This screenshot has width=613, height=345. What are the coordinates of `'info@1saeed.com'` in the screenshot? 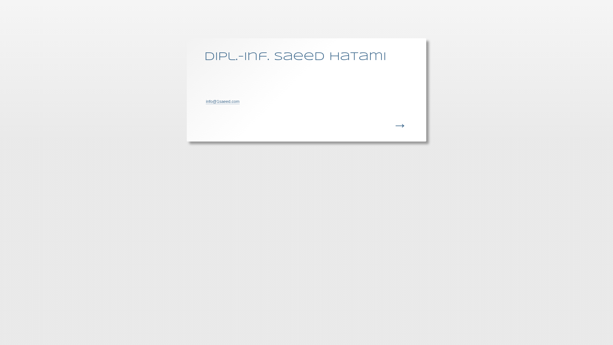 It's located at (223, 101).